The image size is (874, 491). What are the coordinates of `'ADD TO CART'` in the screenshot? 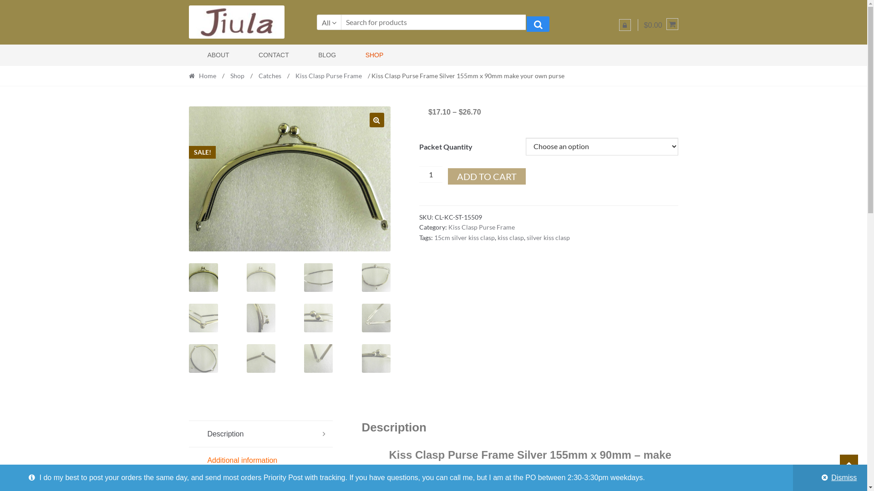 It's located at (486, 176).